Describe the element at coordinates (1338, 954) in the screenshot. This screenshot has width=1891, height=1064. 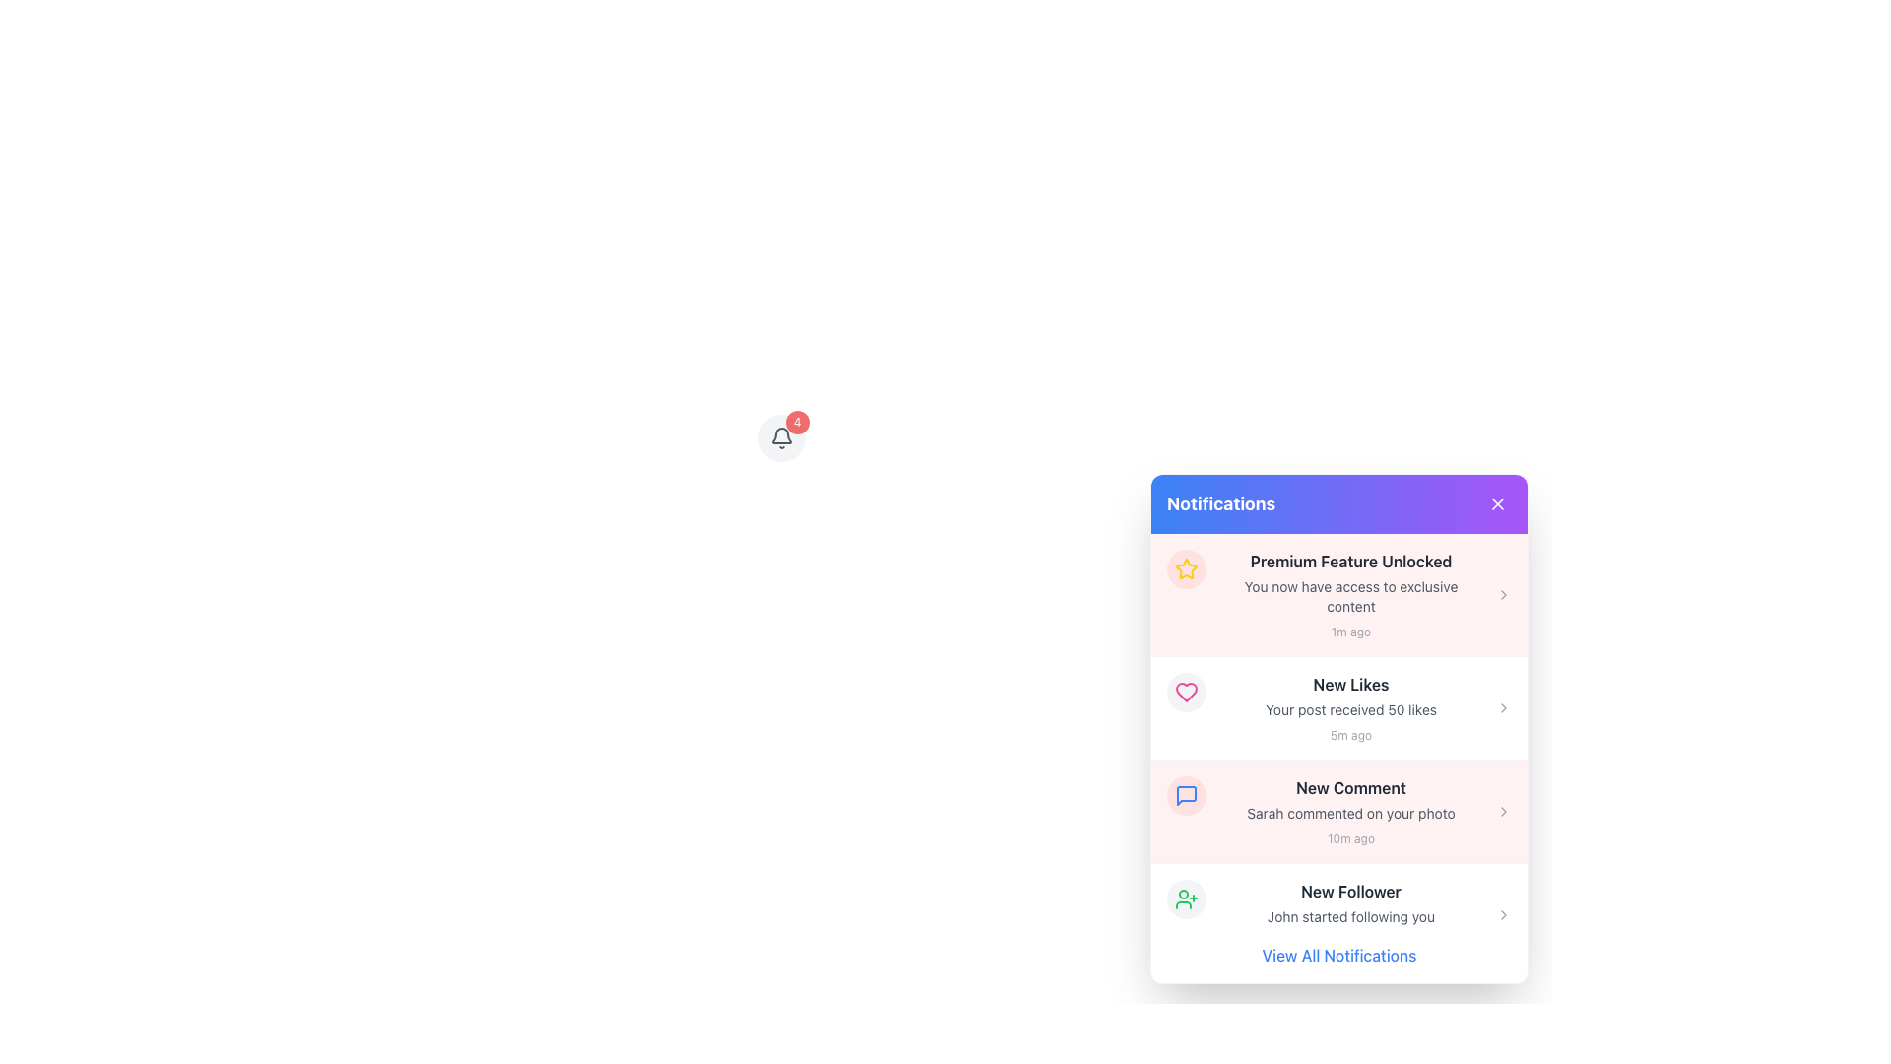
I see `the 'View All Notifications' button, which is a text-based button with blue text on a white background, located at the bottom of the notification panel` at that location.